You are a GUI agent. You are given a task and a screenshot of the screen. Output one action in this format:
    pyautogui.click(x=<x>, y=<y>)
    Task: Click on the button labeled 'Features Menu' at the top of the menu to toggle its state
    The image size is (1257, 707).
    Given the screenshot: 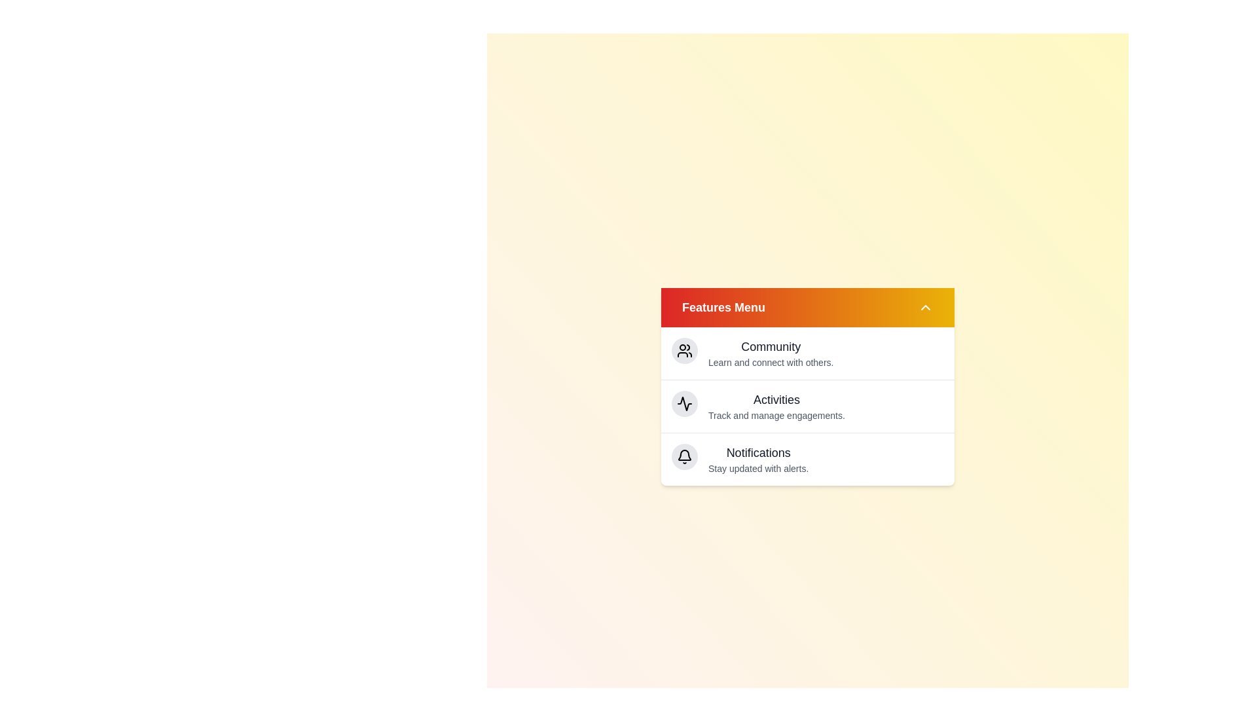 What is the action you would take?
    pyautogui.click(x=807, y=308)
    